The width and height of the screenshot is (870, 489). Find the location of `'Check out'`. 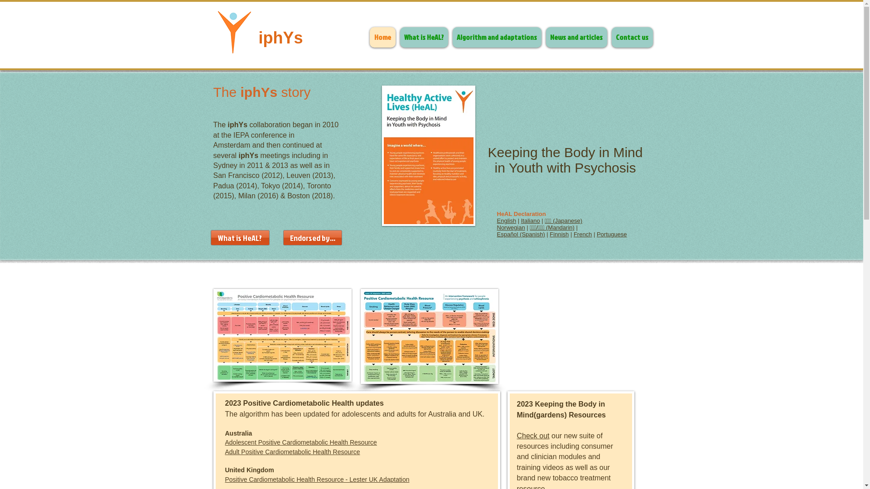

'Check out' is located at coordinates (533, 435).